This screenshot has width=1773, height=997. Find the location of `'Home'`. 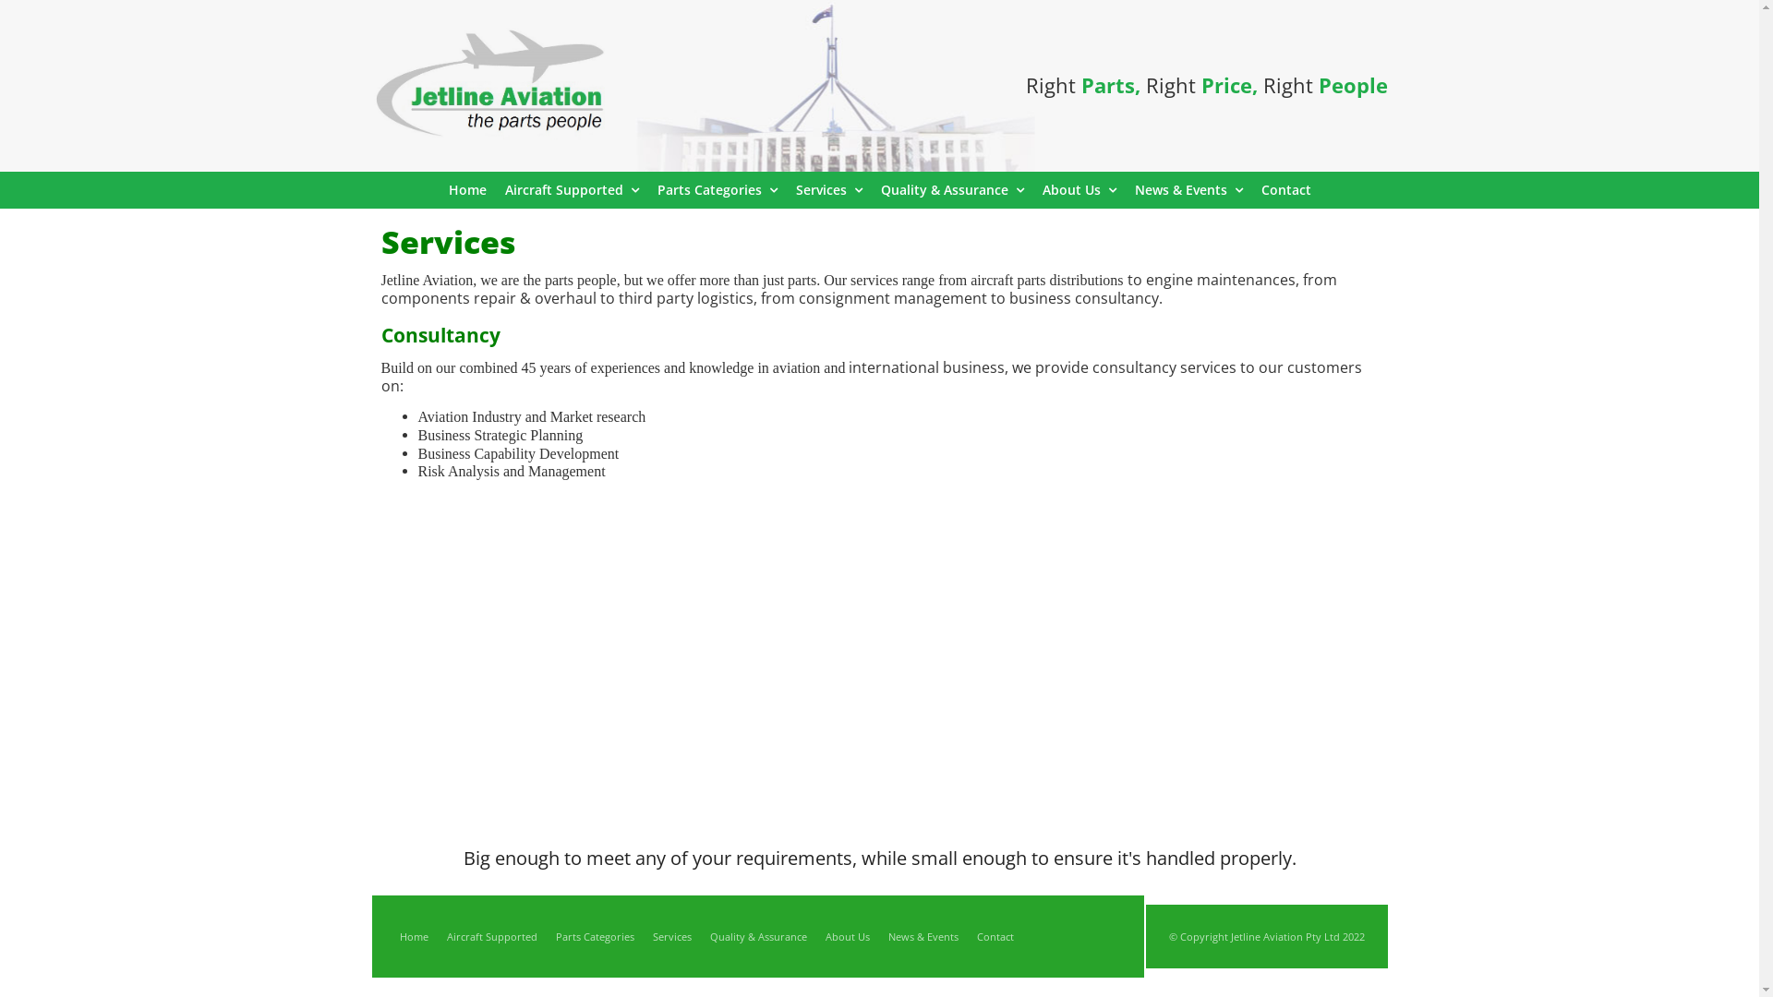

'Home' is located at coordinates (467, 189).